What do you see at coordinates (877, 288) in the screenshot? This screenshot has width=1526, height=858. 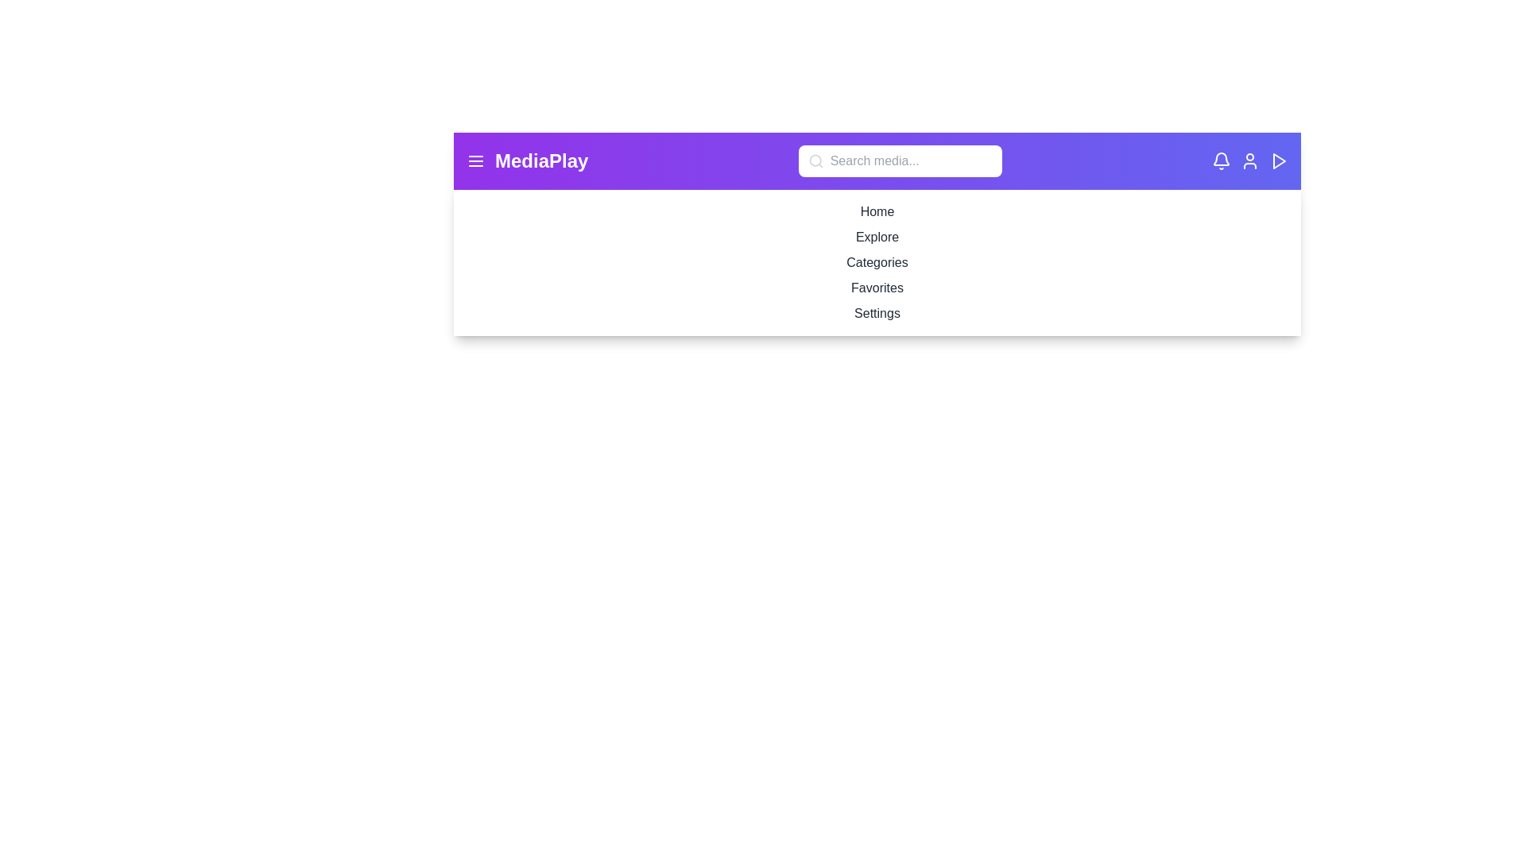 I see `the 'Favorites' navigational link` at bounding box center [877, 288].